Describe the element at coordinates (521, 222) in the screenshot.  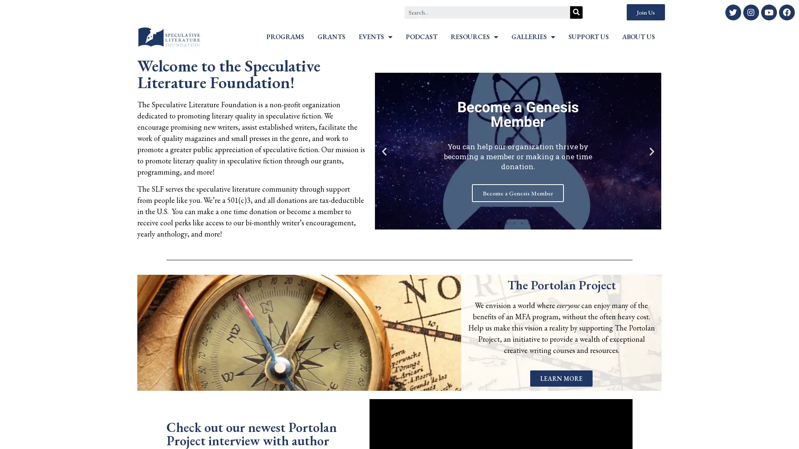
I see `Go to slide 4` at that location.